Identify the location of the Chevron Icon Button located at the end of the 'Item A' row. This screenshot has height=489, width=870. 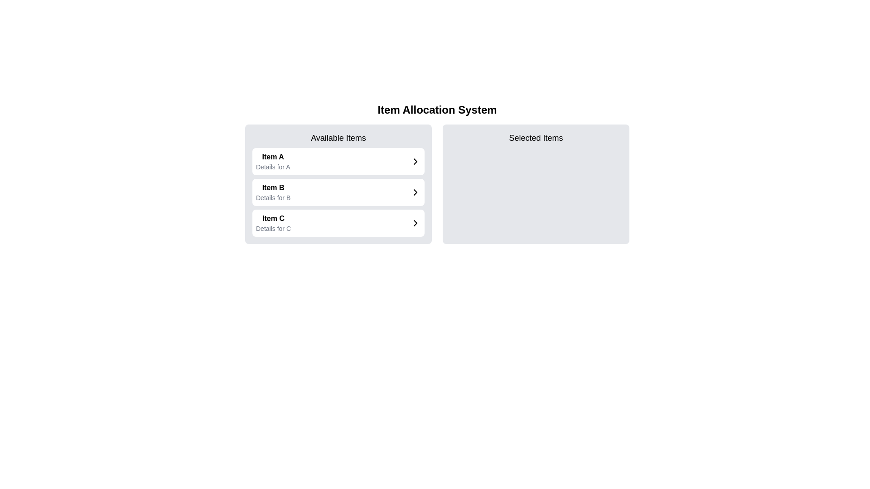
(415, 161).